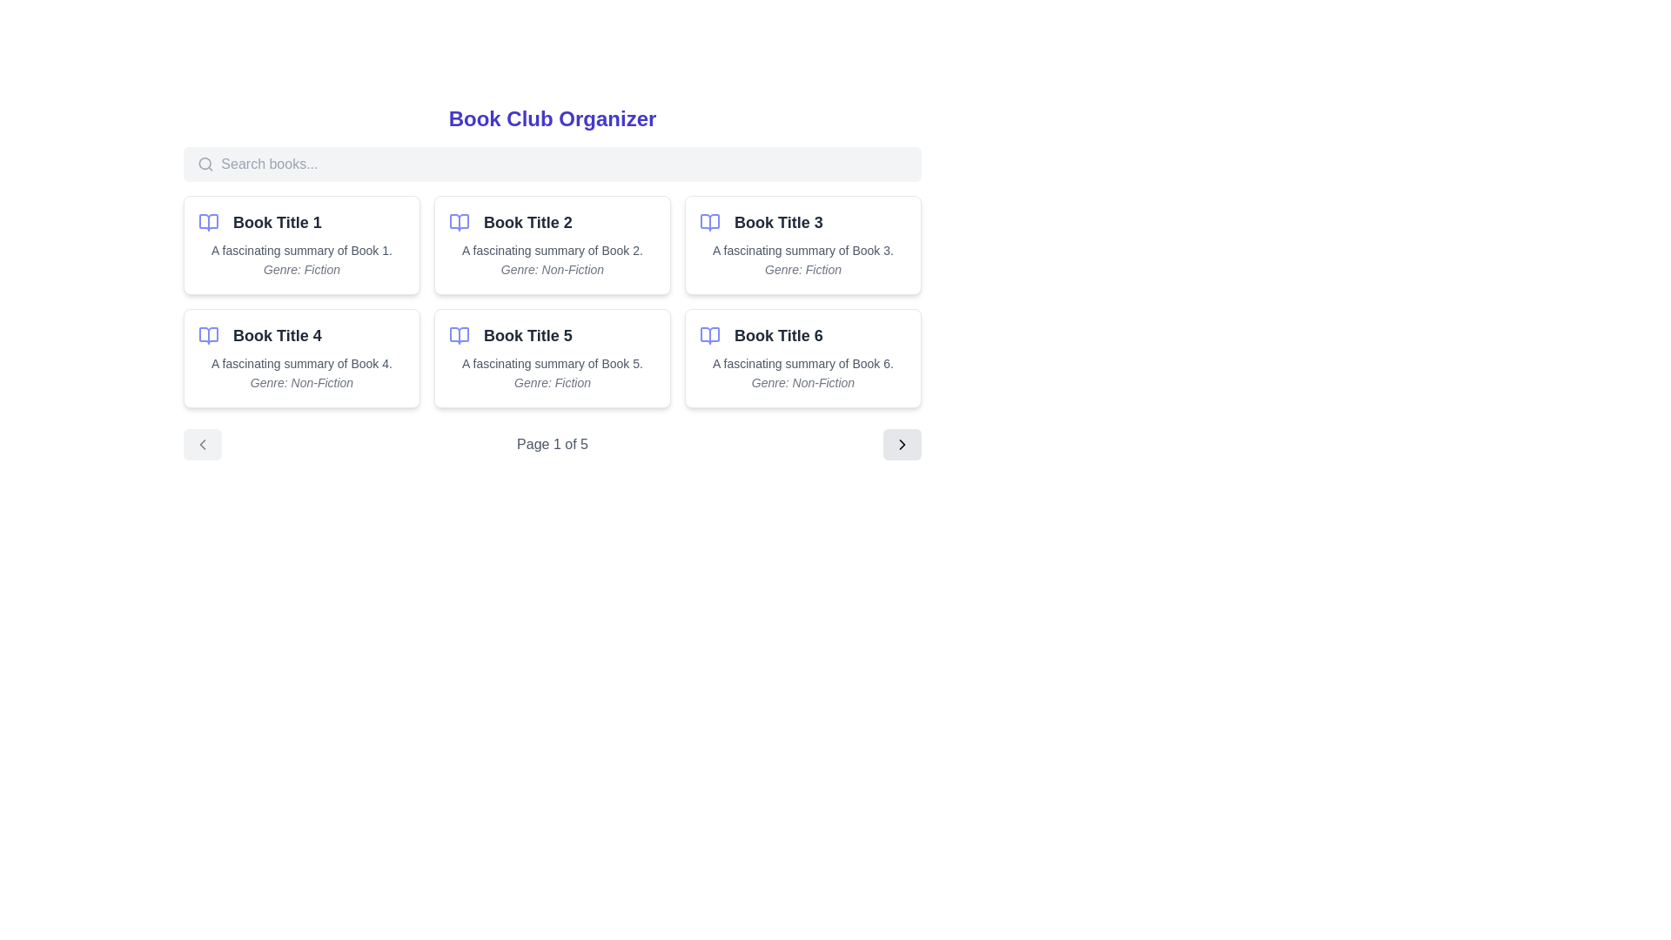 The height and width of the screenshot is (940, 1671). I want to click on the text label displaying the title 'Book Title 2' located in the second column of the top row in a two-row grid, so click(527, 221).